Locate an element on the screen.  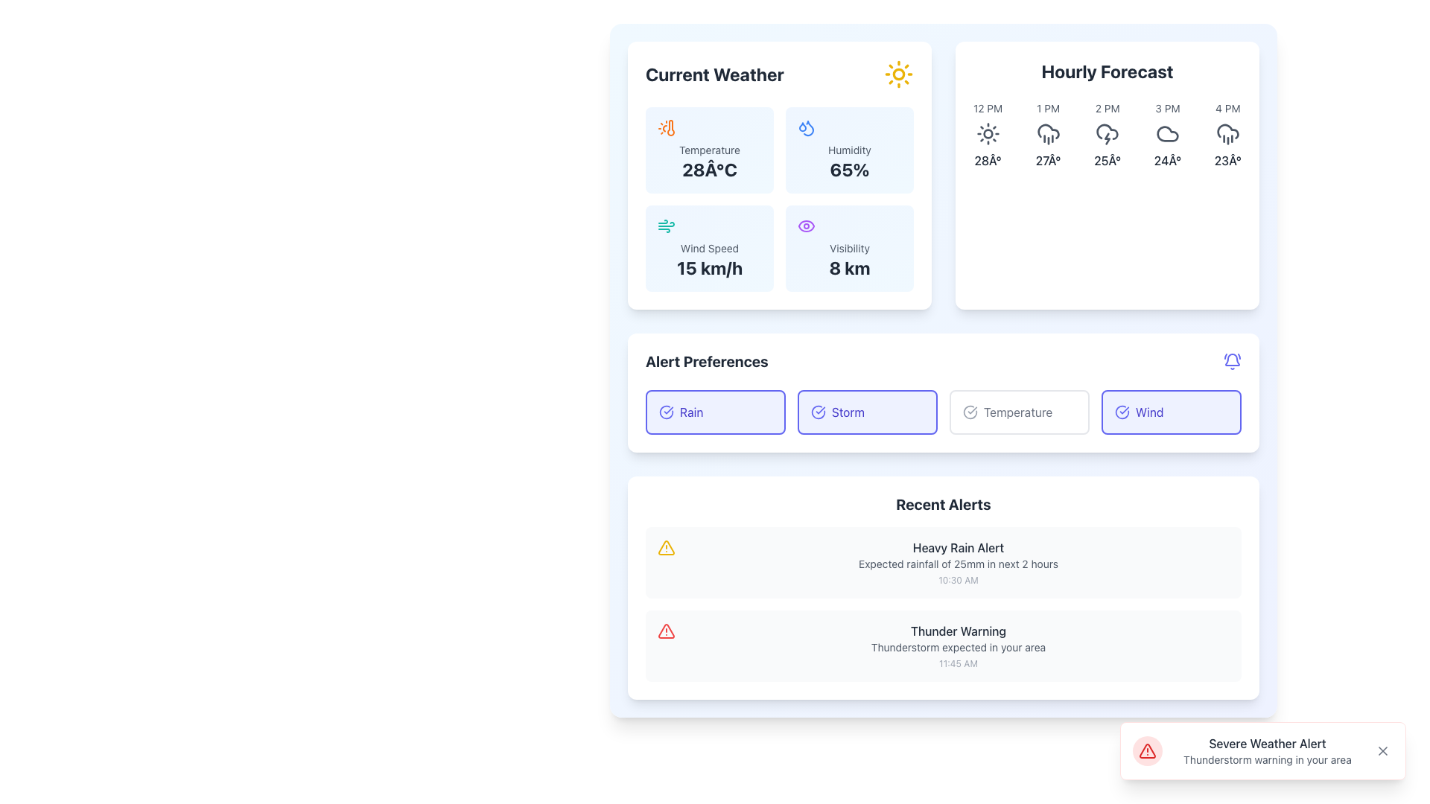
the 'Wind' alert preference icon located on the left side of the text label within the 'Wind' preference button in the 'Alert Preferences' section is located at coordinates (1122, 412).